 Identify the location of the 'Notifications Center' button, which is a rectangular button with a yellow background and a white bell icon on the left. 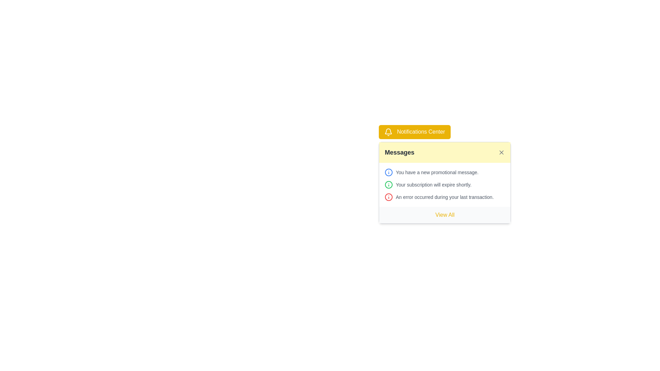
(414, 132).